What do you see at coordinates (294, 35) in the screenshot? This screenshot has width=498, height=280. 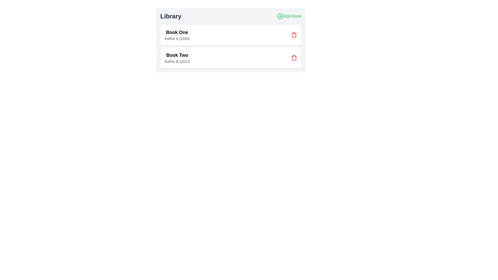 I see `the trash bin icon component, which is part of the main trash icon group located to the right of the 'Book One' list item` at bounding box center [294, 35].